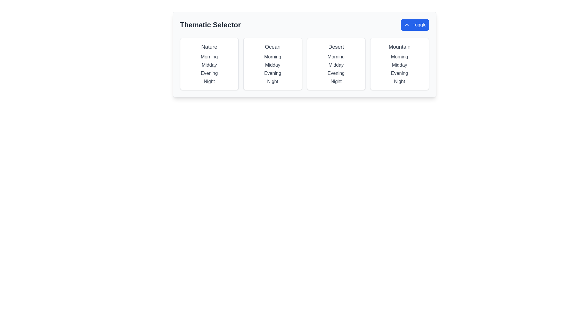  I want to click on the label representing the 'Night' time period in the 'Mountain' theme, which is the last item in its group, so click(399, 81).